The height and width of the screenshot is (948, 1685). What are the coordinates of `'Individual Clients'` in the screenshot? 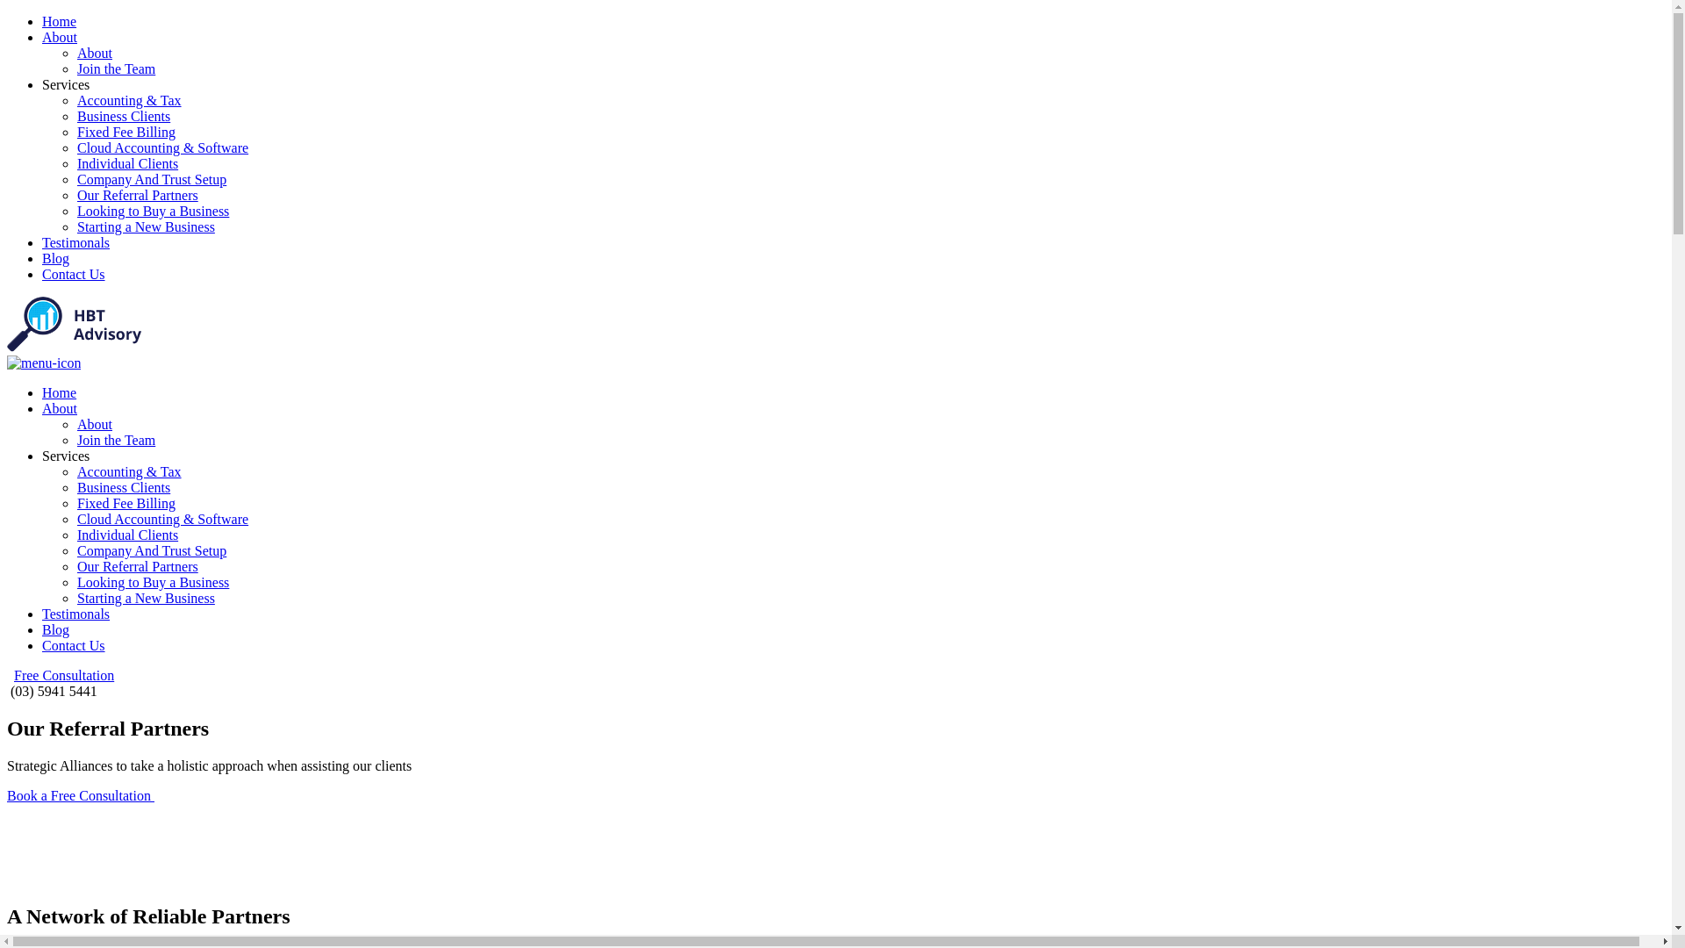 It's located at (126, 534).